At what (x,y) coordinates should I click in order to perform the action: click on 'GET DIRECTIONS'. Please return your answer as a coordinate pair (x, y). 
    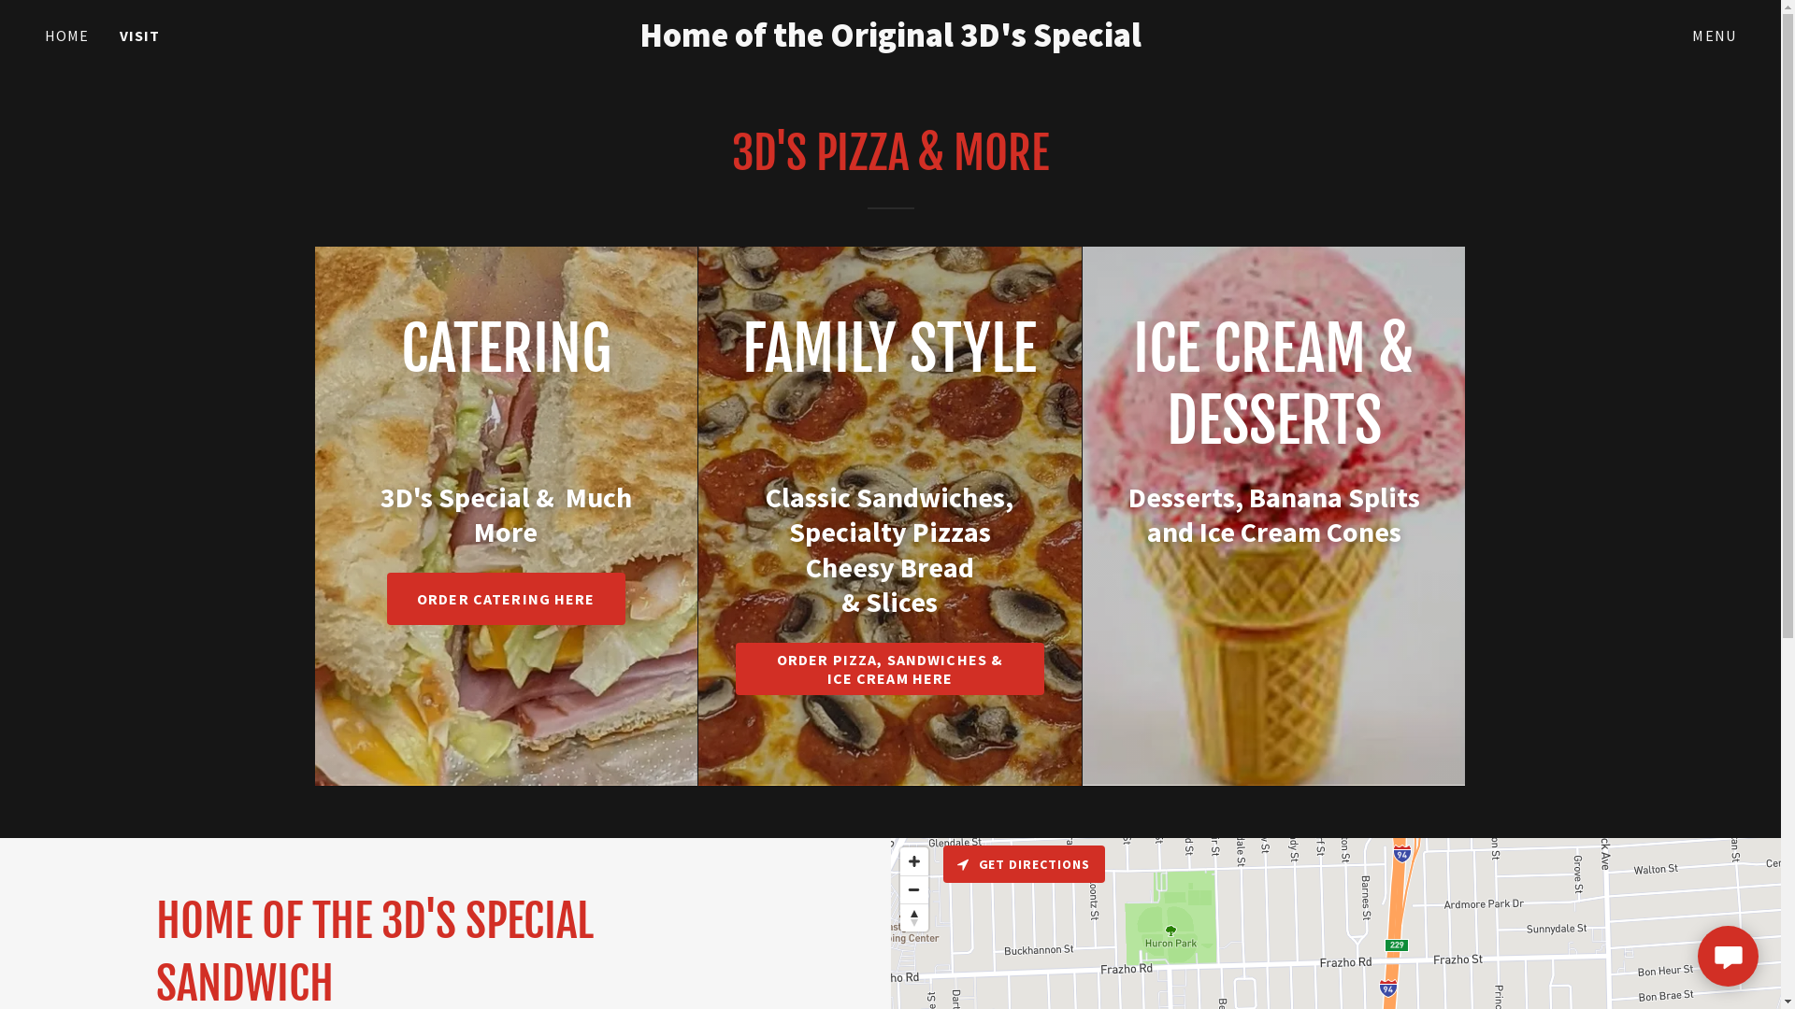
    Looking at the image, I should click on (942, 864).